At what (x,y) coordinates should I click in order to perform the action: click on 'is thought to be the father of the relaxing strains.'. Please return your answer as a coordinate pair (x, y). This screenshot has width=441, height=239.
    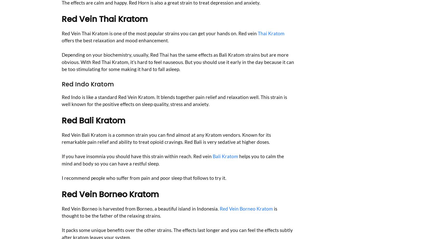
    Looking at the image, I should click on (169, 212).